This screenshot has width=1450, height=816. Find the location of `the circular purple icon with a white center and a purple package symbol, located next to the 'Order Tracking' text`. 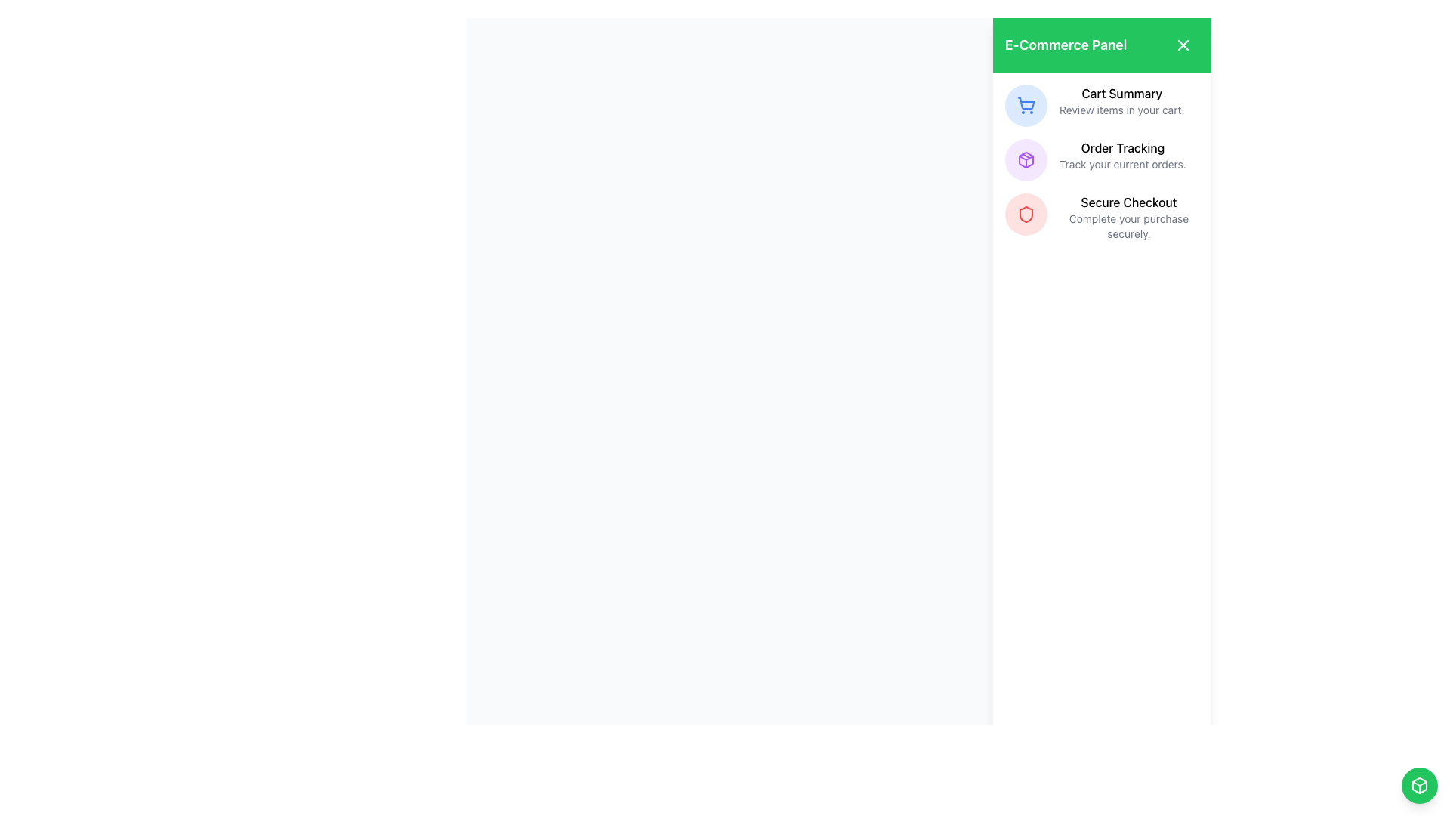

the circular purple icon with a white center and a purple package symbol, located next to the 'Order Tracking' text is located at coordinates (1026, 160).